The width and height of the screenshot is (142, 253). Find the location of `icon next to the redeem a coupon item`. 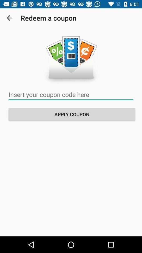

icon next to the redeem a coupon item is located at coordinates (9, 18).